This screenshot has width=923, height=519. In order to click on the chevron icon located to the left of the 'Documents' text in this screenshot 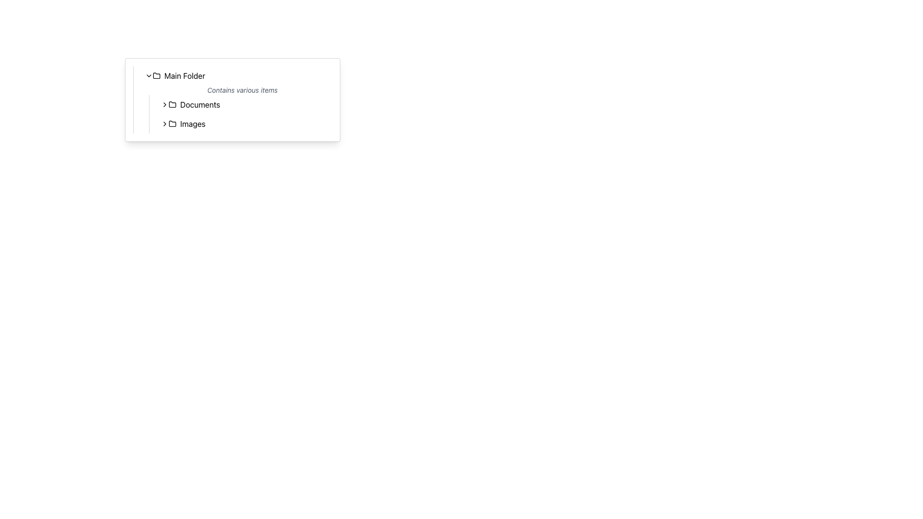, I will do `click(164, 105)`.